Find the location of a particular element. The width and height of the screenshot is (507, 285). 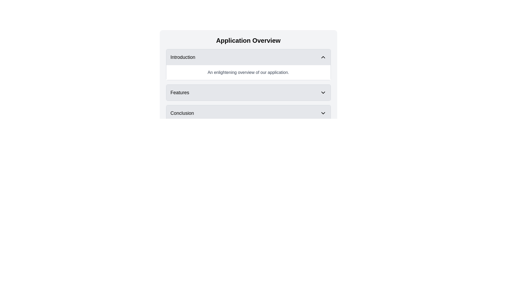

the downward-pointing chevron icon located at the right side of the 'Conclusion' section in a collapsible panel is located at coordinates (323, 113).